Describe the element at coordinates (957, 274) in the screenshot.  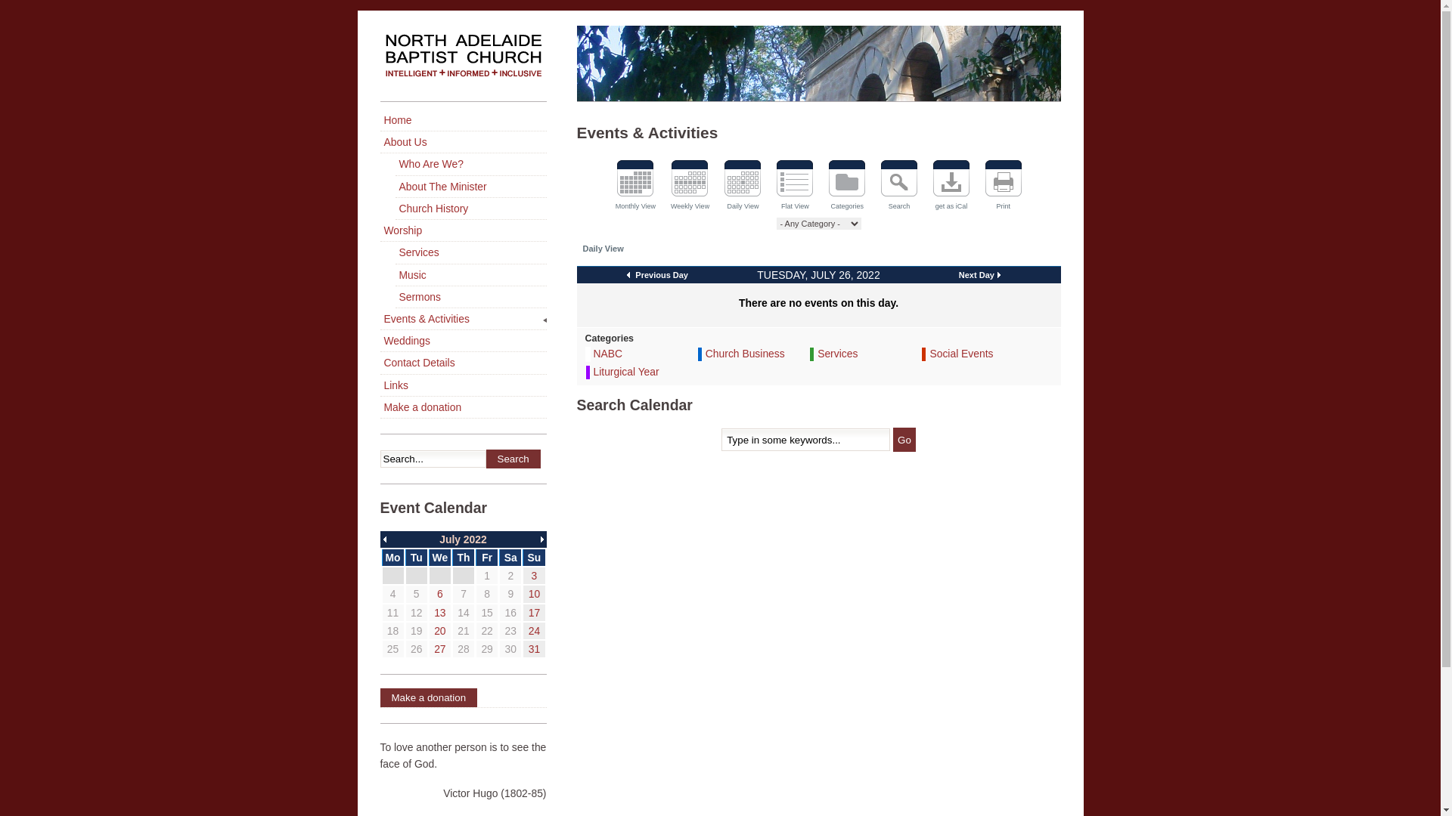
I see `'Next Day'` at that location.